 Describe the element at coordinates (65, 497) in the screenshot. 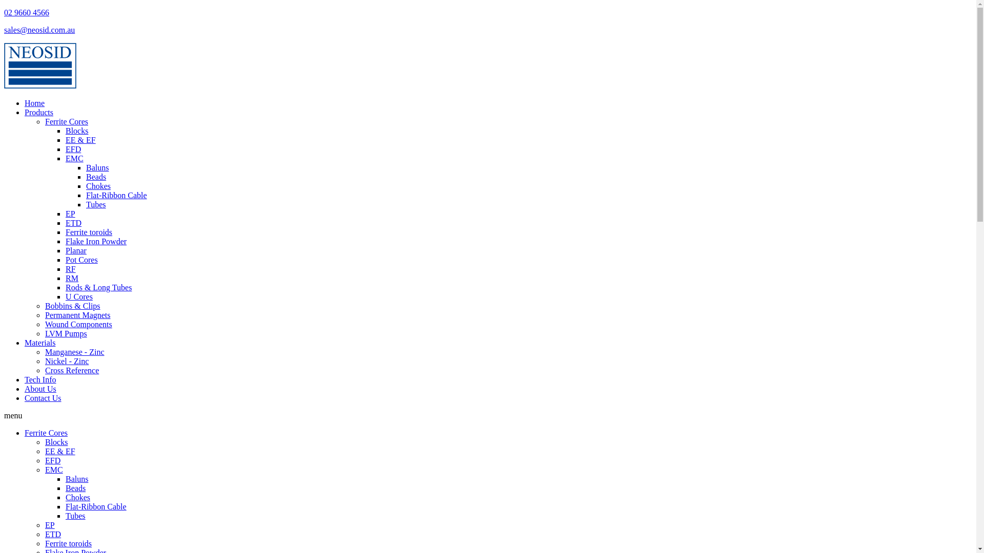

I see `'Chokes'` at that location.